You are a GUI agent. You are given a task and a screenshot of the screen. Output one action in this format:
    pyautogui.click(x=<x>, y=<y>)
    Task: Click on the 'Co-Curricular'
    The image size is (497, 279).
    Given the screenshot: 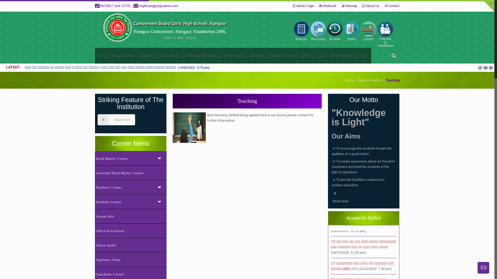 What is the action you would take?
    pyautogui.click(x=170, y=56)
    